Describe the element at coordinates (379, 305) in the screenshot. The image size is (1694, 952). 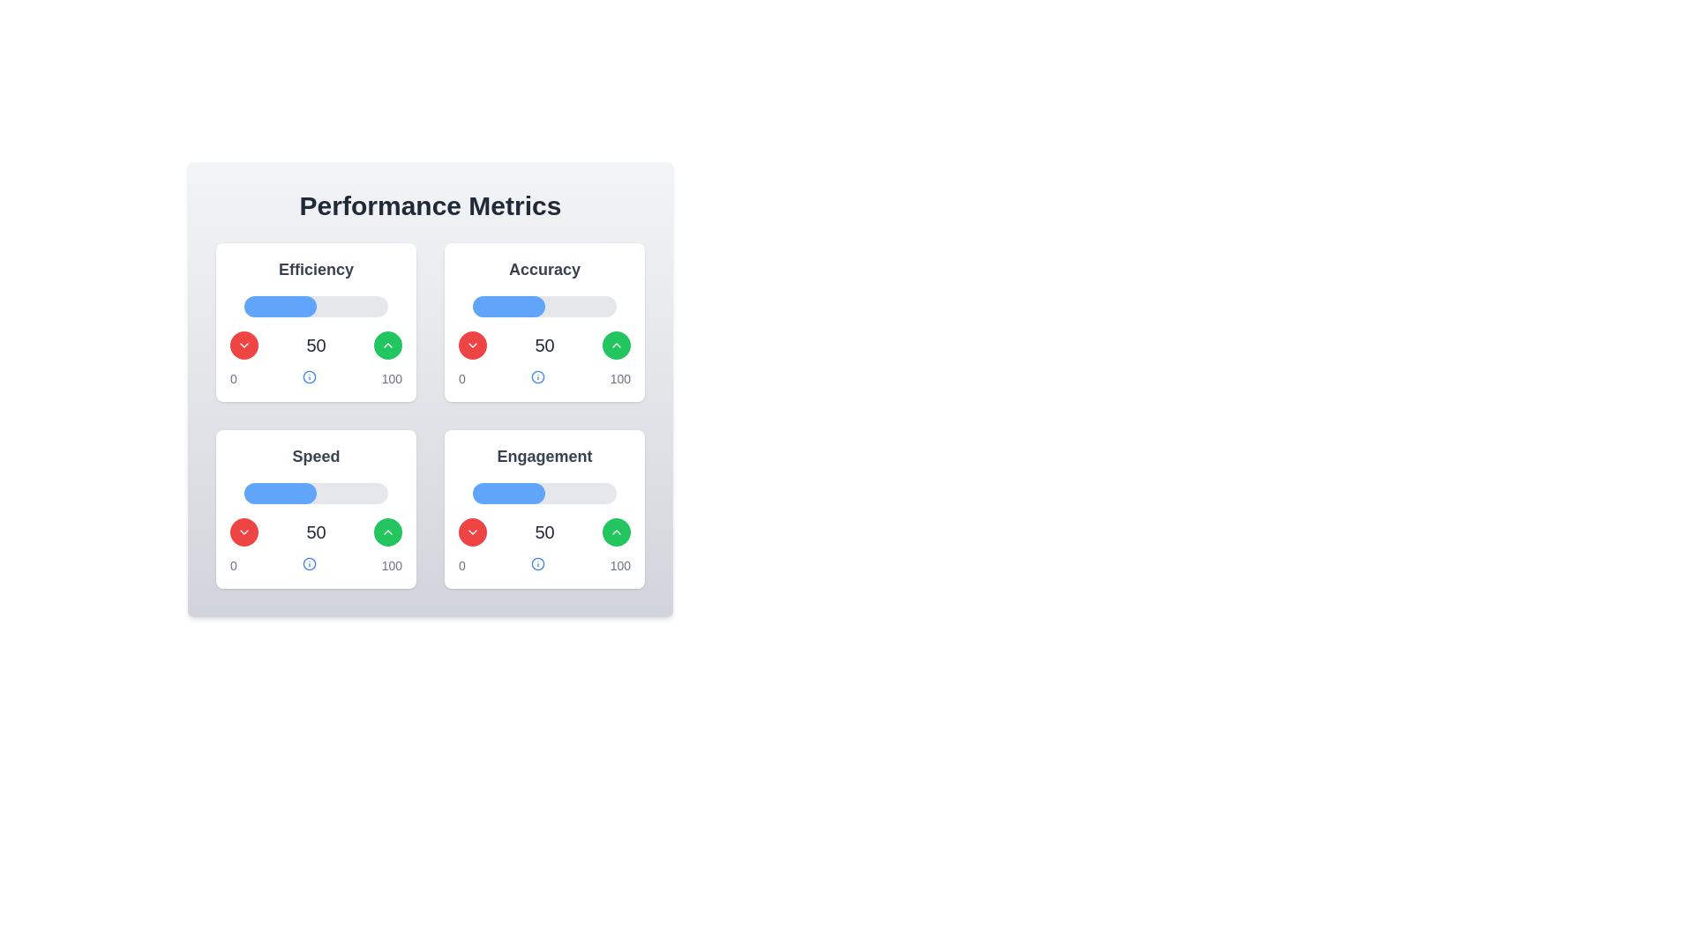
I see `the efficiency value` at that location.